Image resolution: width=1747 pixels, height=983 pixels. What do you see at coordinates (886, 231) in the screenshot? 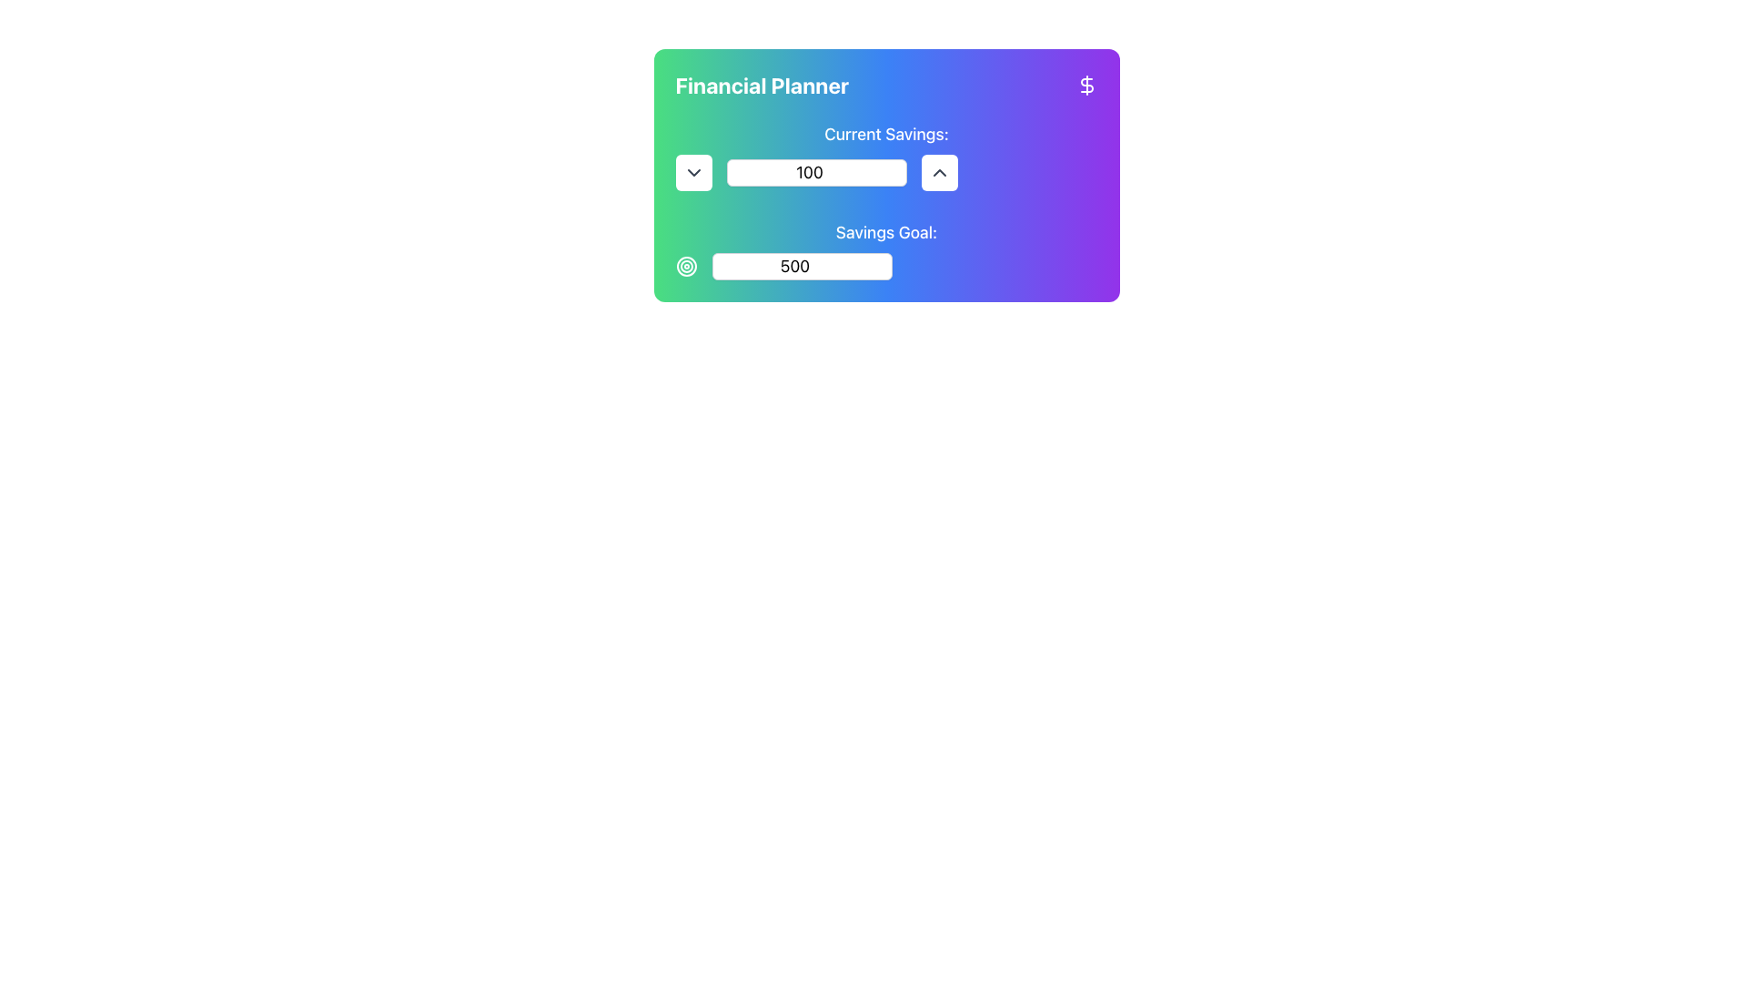
I see `static text label stating 'Savings Goal:' which is styled with a large font size and white color, located below the 'Current Savings:' label` at bounding box center [886, 231].